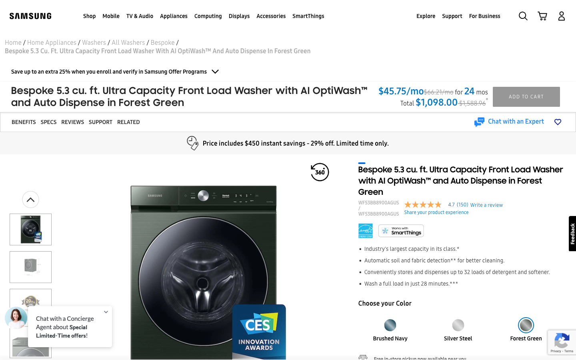  I want to click on Inspect the consumer responses for the washing machine, so click(72, 122).